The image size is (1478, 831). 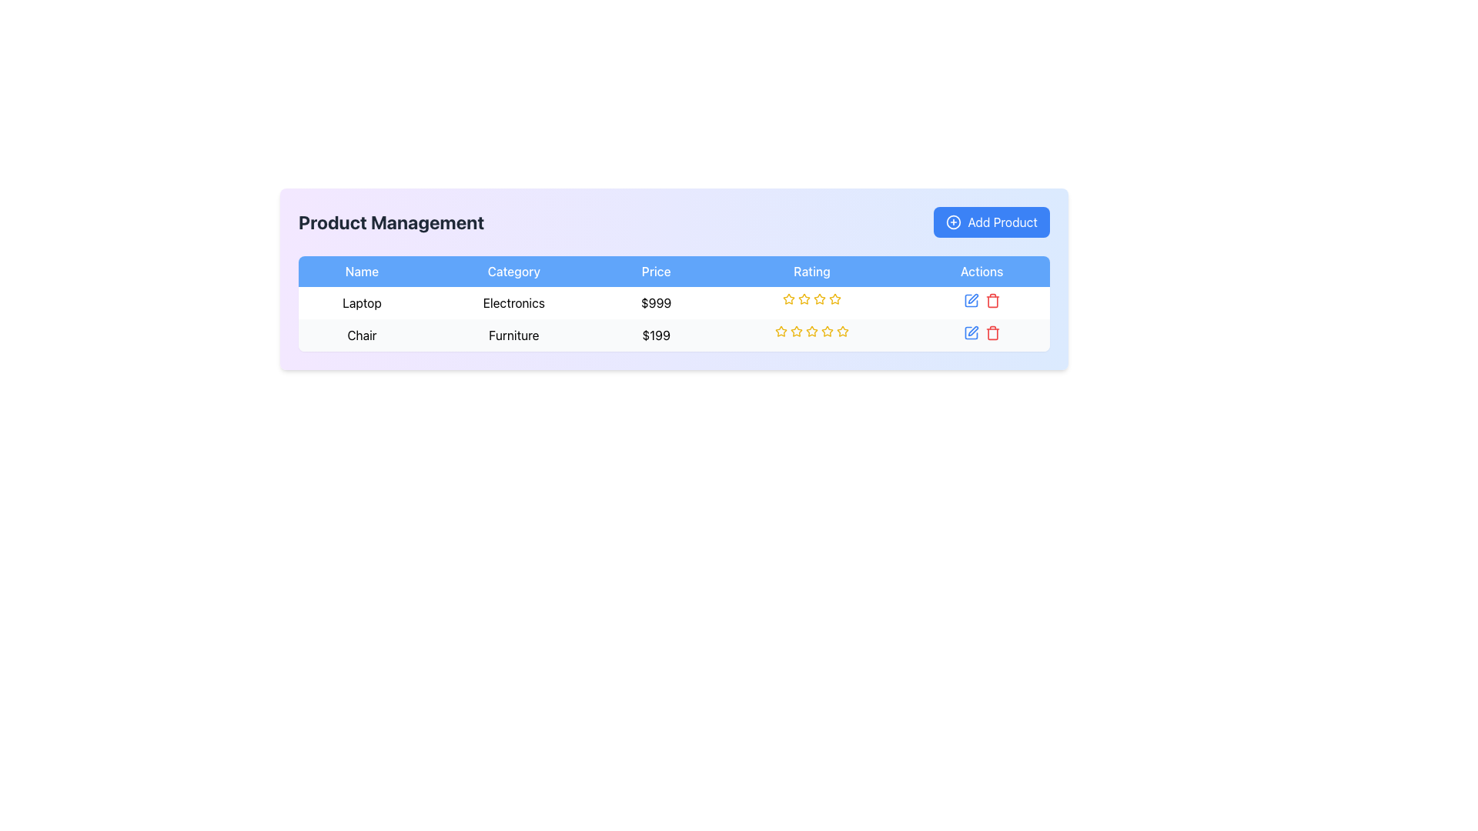 What do you see at coordinates (811, 331) in the screenshot?
I see `the fourth star icon in the rating section of the second table row for the product 'Chair', which has a yellow outline and a transparent center` at bounding box center [811, 331].